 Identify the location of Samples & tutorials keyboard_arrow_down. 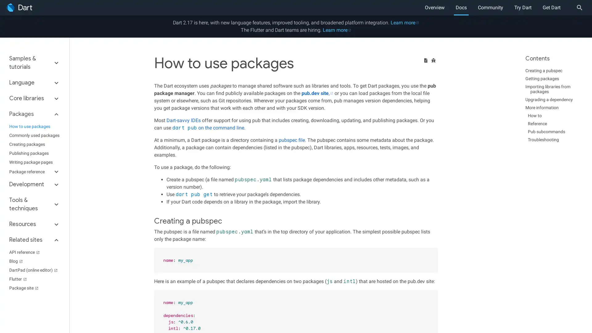
(34, 64).